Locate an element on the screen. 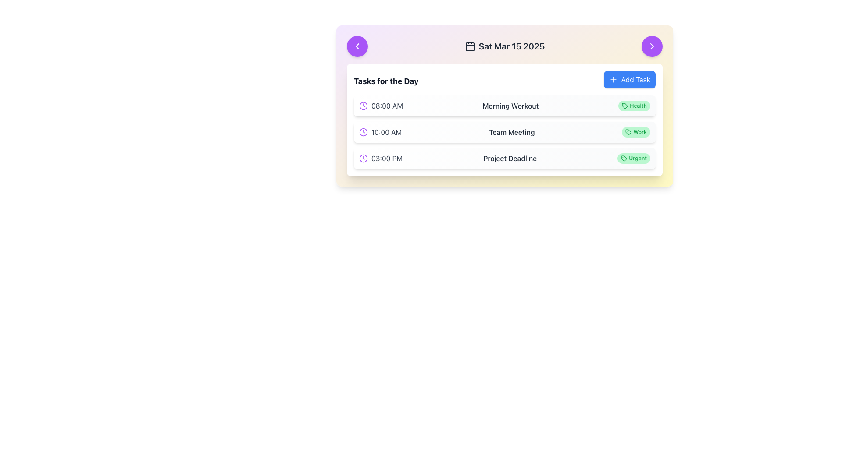  the text label indicating the scheduled time for the 'Morning Workout' task, which is positioned in the first row of the task schedule list next to a clock icon is located at coordinates (387, 106).